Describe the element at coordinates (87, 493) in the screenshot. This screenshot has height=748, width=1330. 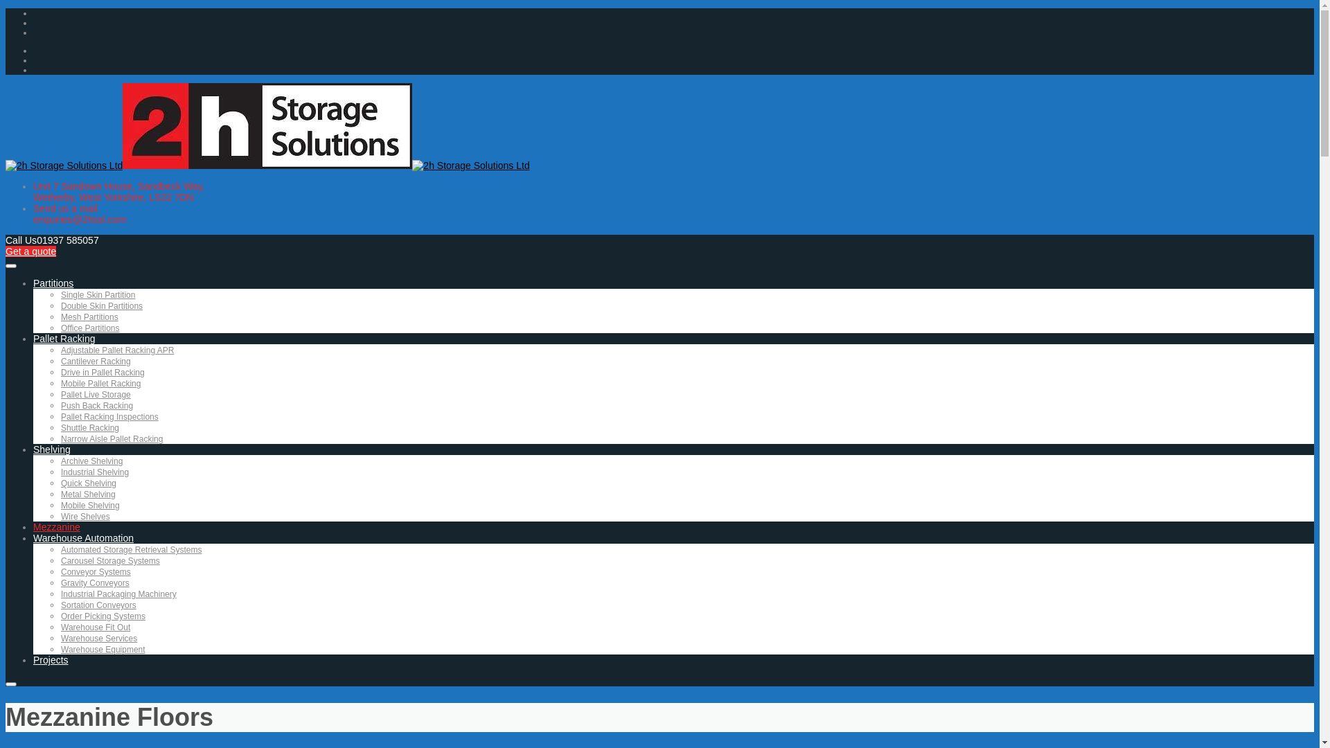
I see `'Metal Shelving'` at that location.